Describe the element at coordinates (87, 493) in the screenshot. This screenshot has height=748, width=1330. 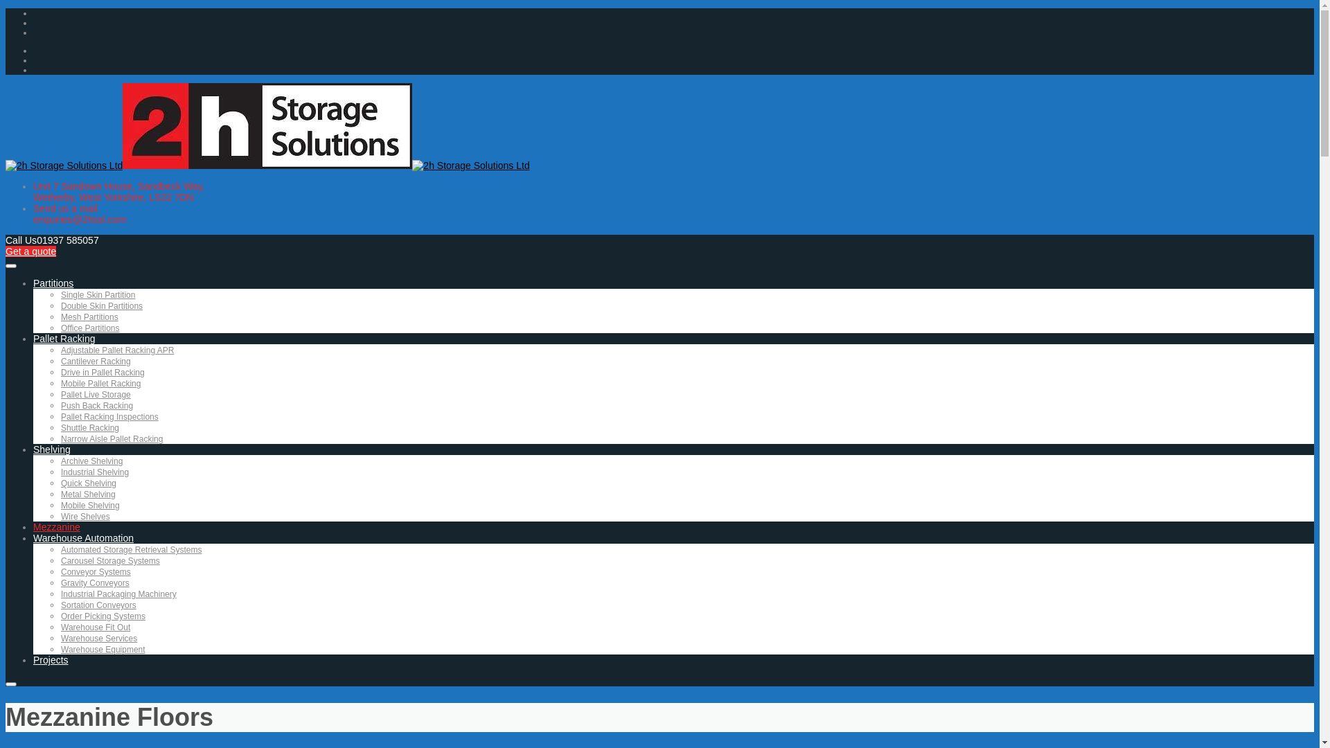
I see `'Metal Shelving'` at that location.